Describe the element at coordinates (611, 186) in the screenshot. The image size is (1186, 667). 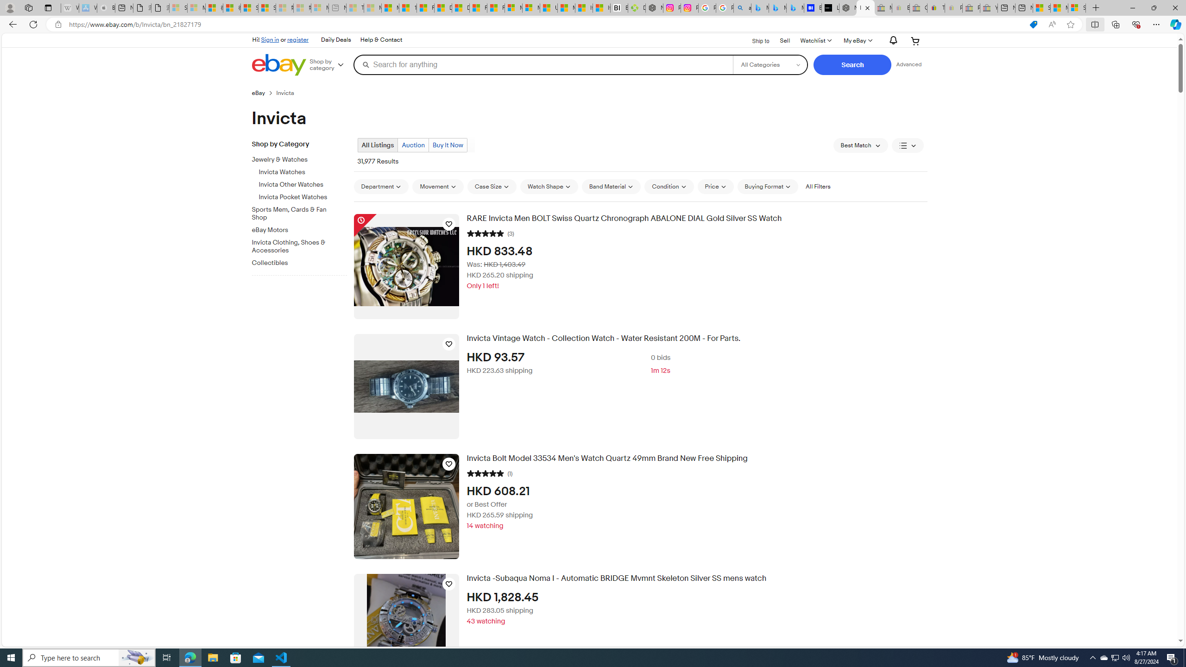
I see `'Band Material'` at that location.